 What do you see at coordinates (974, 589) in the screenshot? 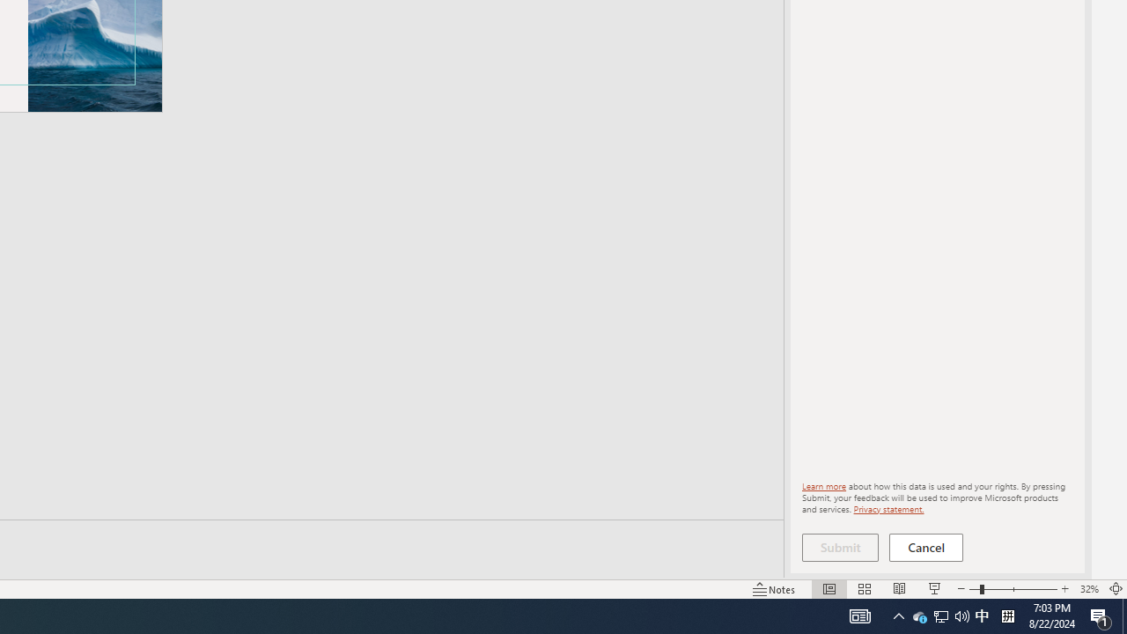
I see `'Zoom Out'` at bounding box center [974, 589].